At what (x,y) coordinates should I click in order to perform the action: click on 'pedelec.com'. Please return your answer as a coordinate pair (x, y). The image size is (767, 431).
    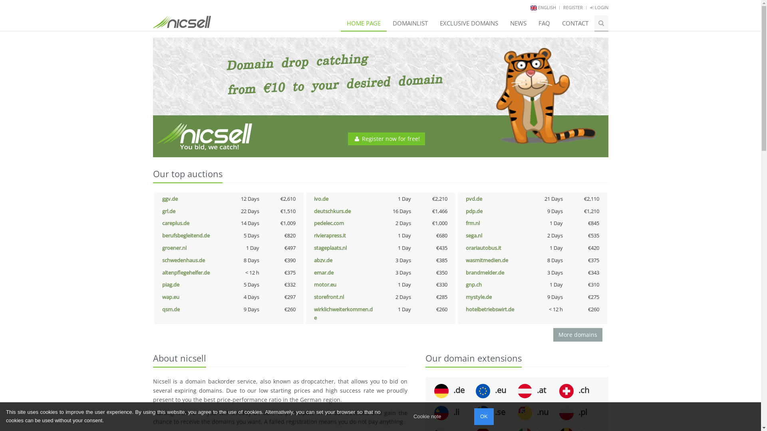
    Looking at the image, I should click on (329, 223).